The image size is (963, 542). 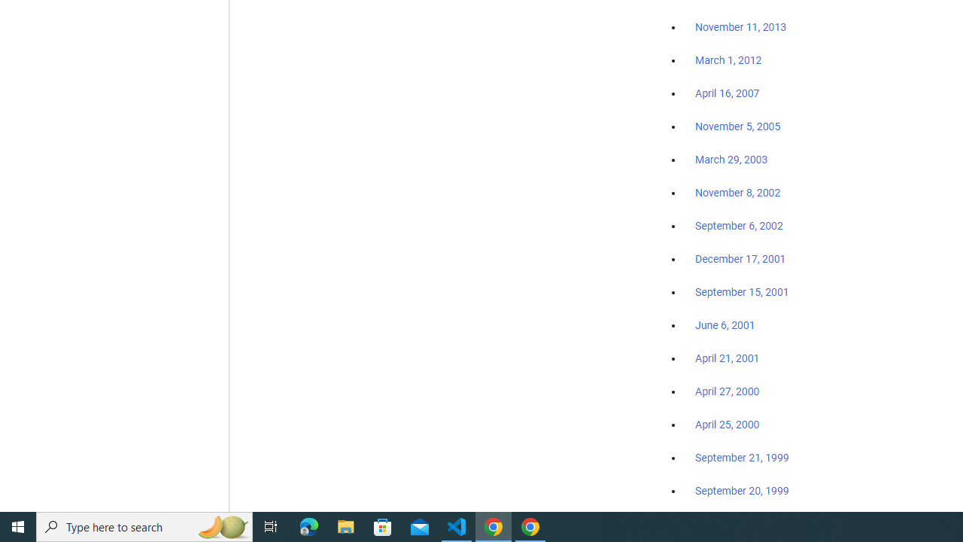 What do you see at coordinates (728, 358) in the screenshot?
I see `'April 21, 2001'` at bounding box center [728, 358].